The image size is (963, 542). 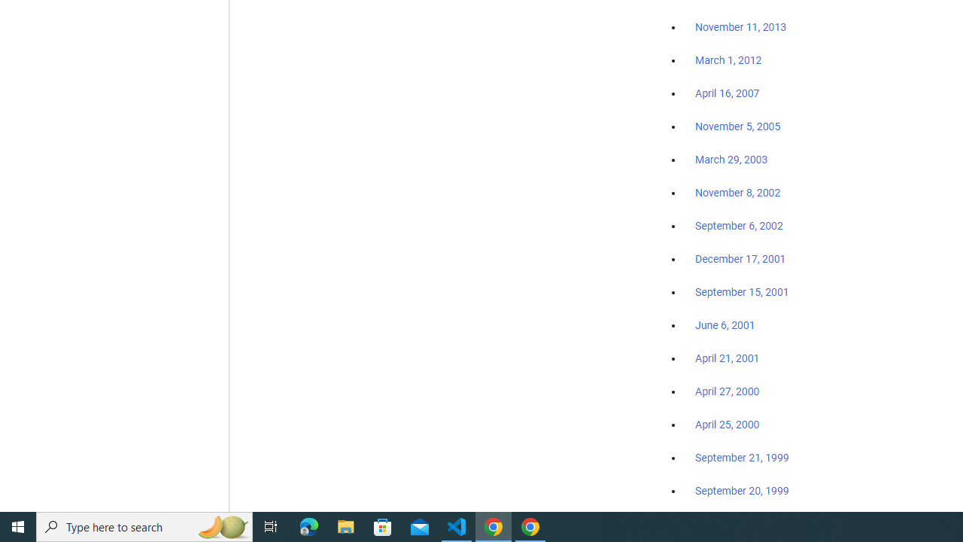 What do you see at coordinates (728, 358) in the screenshot?
I see `'April 21, 2001'` at bounding box center [728, 358].